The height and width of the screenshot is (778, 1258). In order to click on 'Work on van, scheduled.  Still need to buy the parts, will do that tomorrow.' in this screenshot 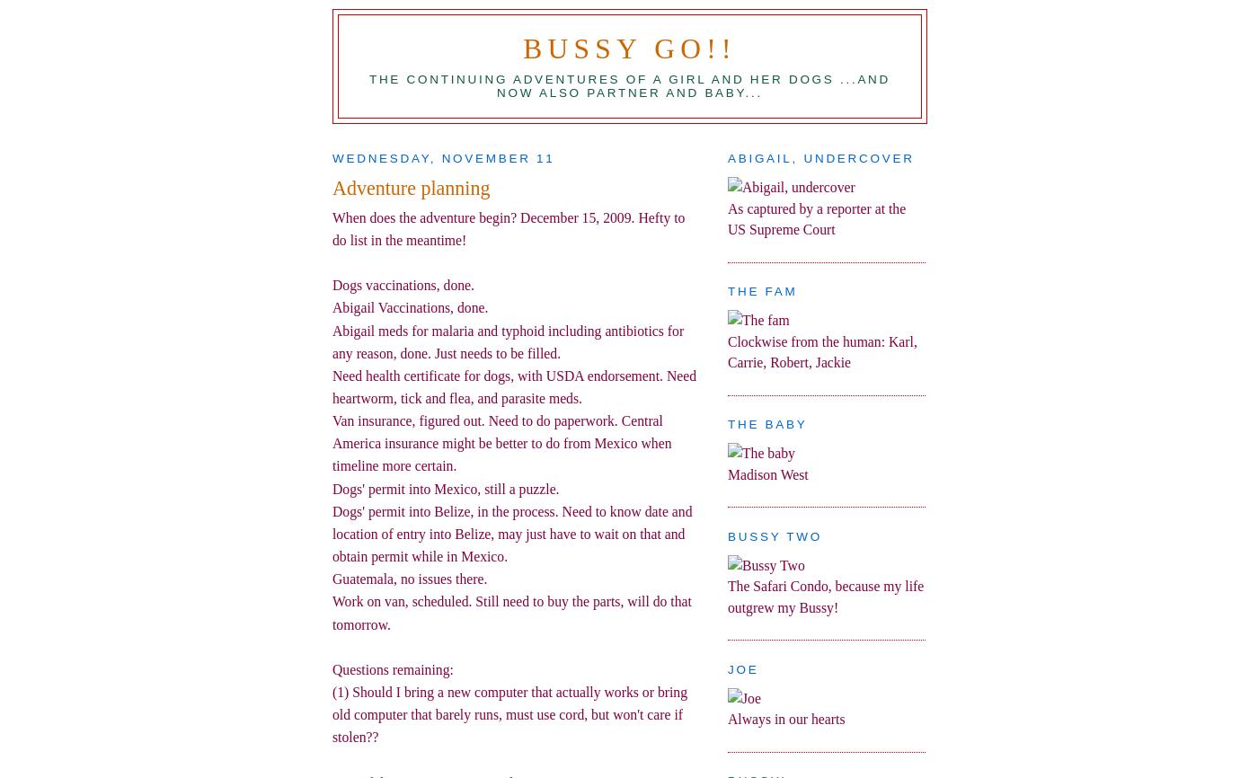, I will do `click(332, 611)`.